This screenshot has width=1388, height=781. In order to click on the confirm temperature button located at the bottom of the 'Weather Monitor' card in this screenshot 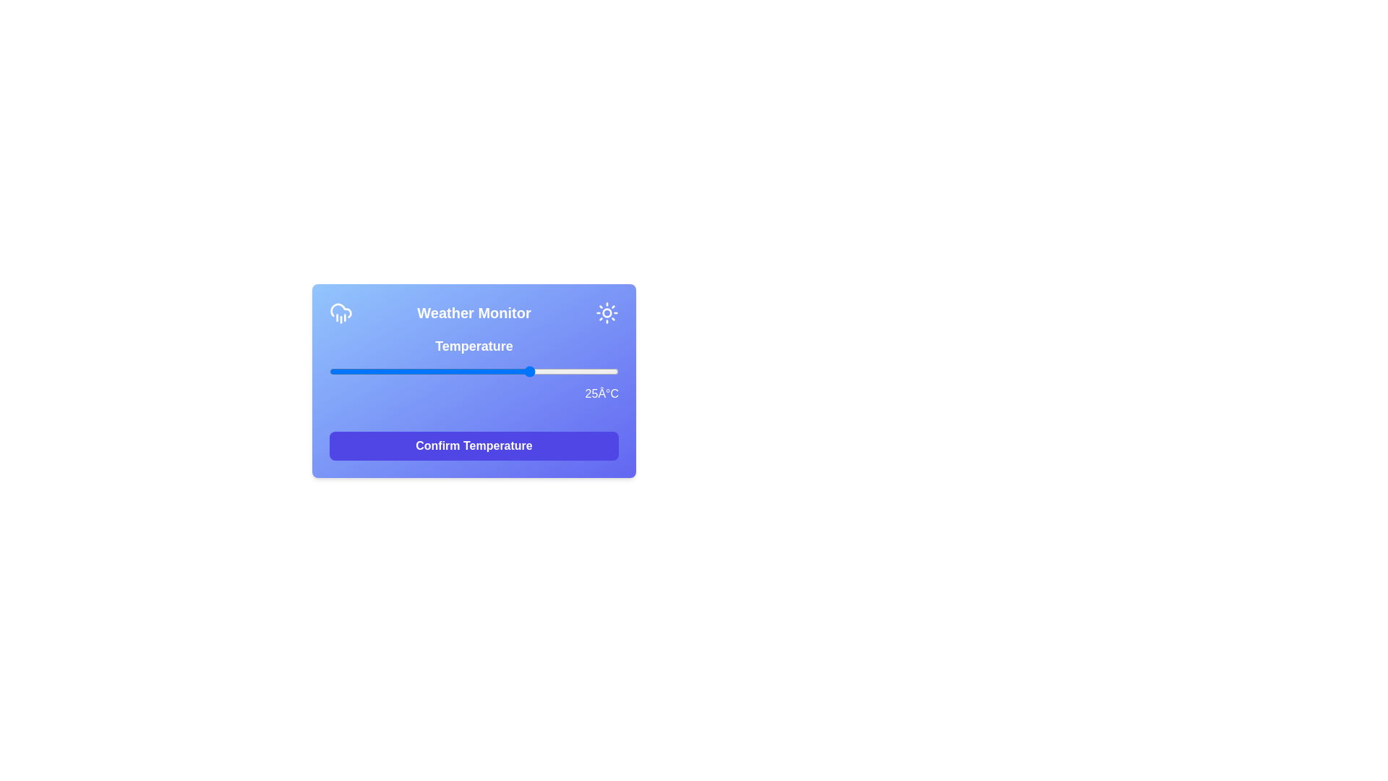, I will do `click(474, 445)`.